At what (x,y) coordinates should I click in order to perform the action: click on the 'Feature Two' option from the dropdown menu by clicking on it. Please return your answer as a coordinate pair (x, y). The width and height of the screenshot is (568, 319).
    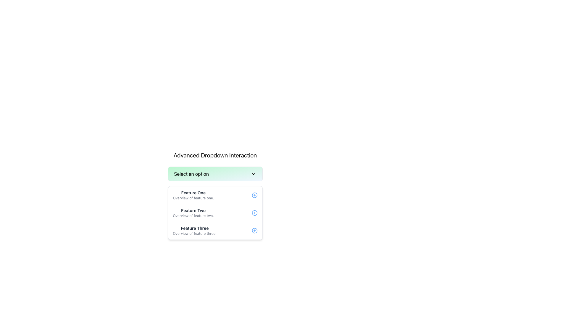
    Looking at the image, I should click on (193, 213).